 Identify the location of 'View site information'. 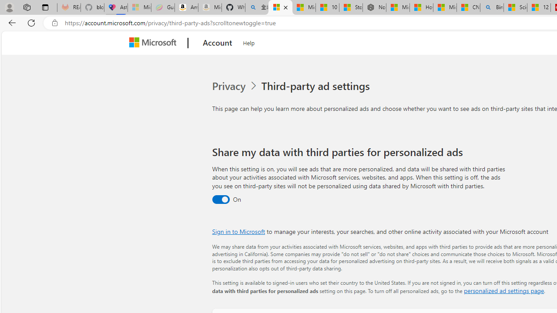
(54, 23).